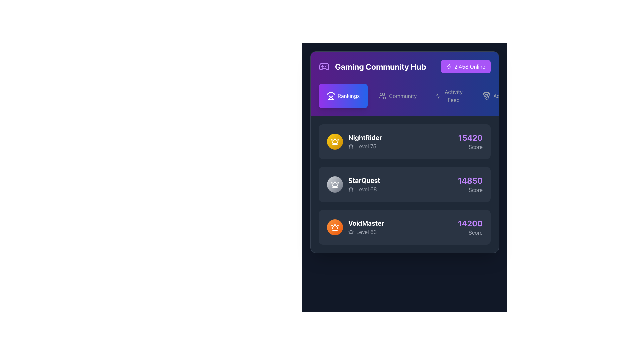 This screenshot has width=641, height=361. Describe the element at coordinates (365, 141) in the screenshot. I see `the leaderboard entry displaying 'NightRider' and 'Level 75' along with the star icon` at that location.